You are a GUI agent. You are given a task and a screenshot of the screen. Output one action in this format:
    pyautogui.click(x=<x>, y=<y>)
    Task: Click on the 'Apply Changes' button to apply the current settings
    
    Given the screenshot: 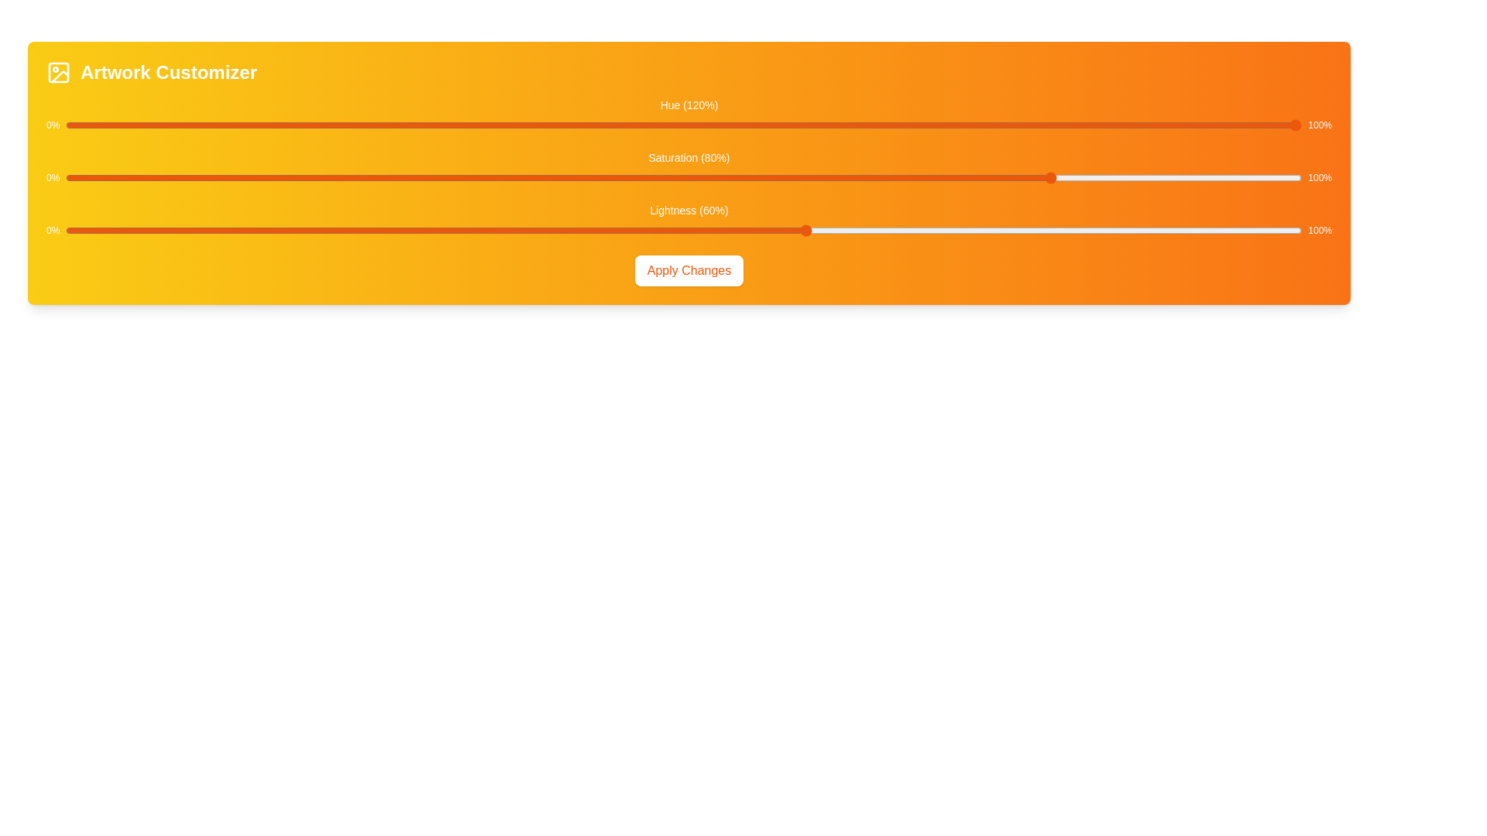 What is the action you would take?
    pyautogui.click(x=688, y=270)
    